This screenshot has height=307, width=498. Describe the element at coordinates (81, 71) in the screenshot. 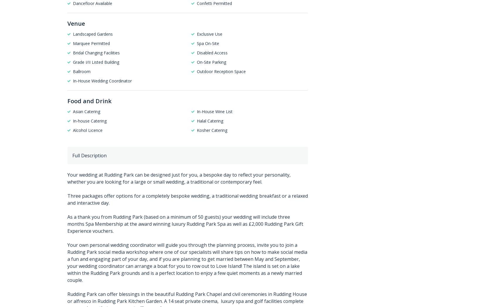

I see `'Ballroom'` at that location.